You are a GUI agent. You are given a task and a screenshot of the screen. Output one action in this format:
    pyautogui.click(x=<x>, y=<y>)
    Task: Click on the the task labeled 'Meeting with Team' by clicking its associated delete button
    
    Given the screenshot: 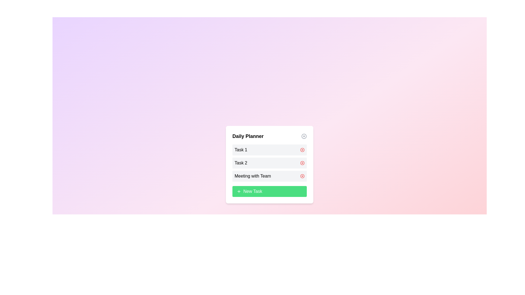 What is the action you would take?
    pyautogui.click(x=302, y=176)
    